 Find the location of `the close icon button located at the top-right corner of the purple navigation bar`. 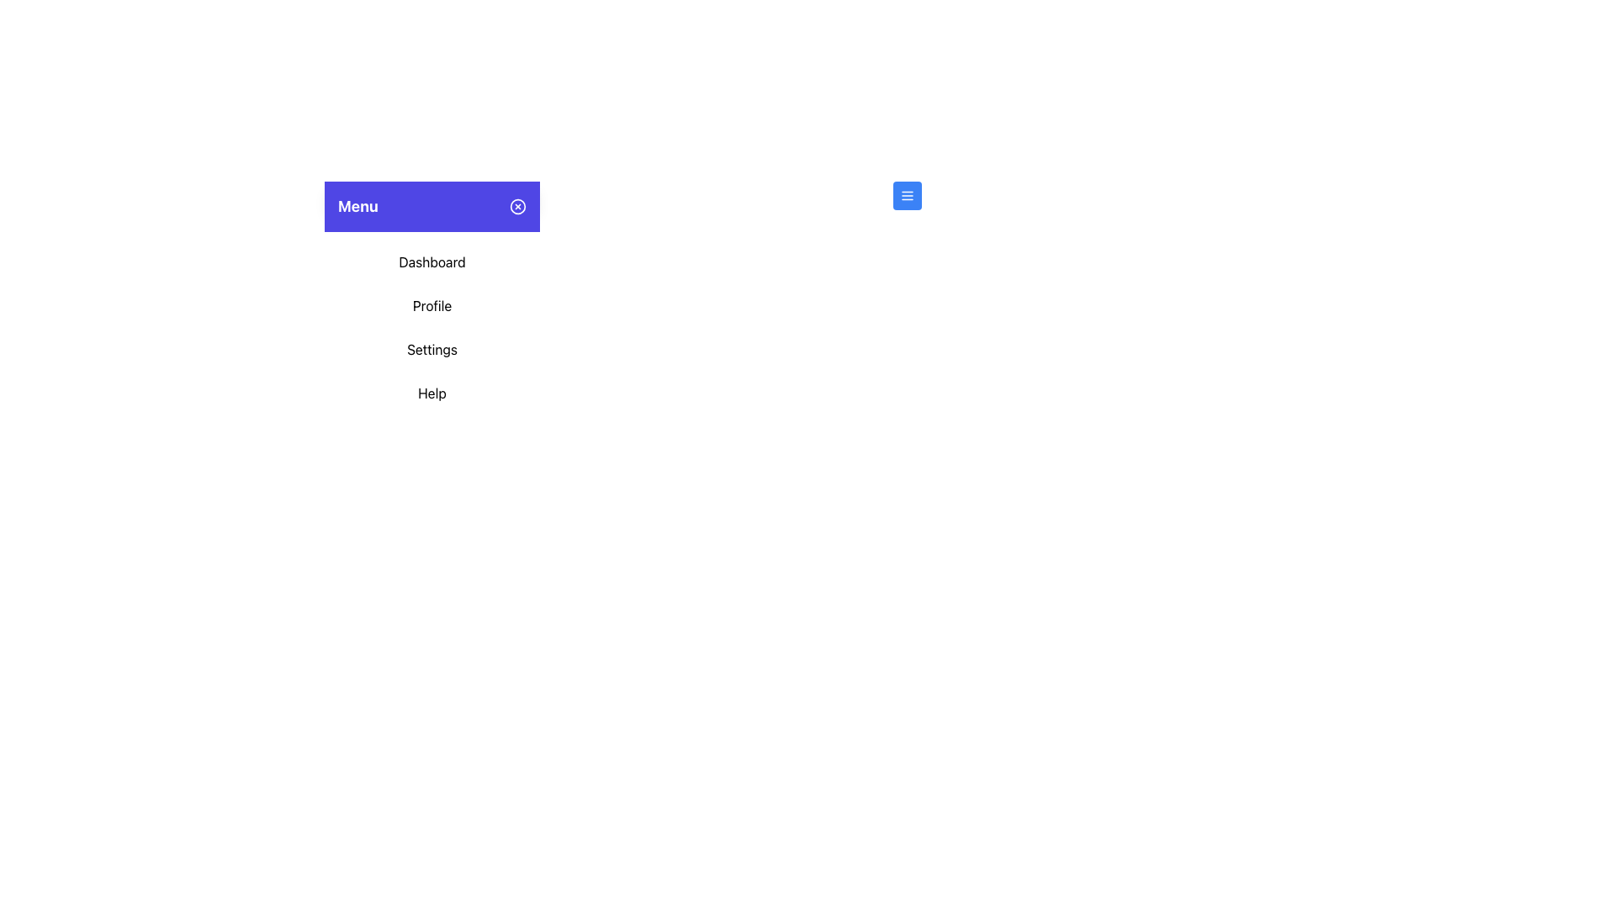

the close icon button located at the top-right corner of the purple navigation bar is located at coordinates (516, 206).